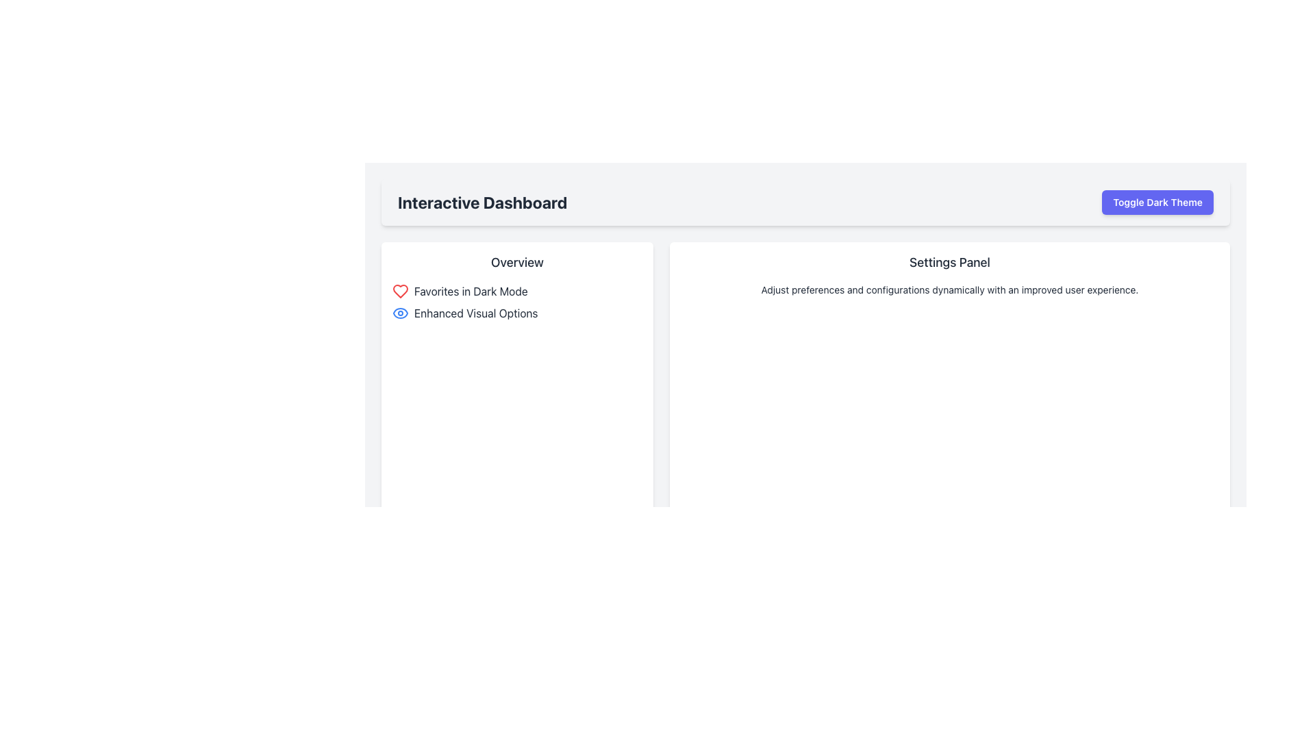 The height and width of the screenshot is (739, 1315). Describe the element at coordinates (1157, 203) in the screenshot. I see `the theme toggle button located in the upper-right part of the 'Interactive Dashboard' header to observe visual feedback` at that location.